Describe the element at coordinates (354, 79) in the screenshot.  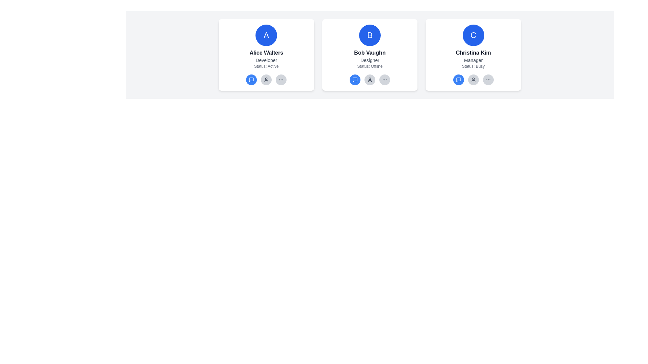
I see `the chat button for 'Bob Vaughn'` at that location.